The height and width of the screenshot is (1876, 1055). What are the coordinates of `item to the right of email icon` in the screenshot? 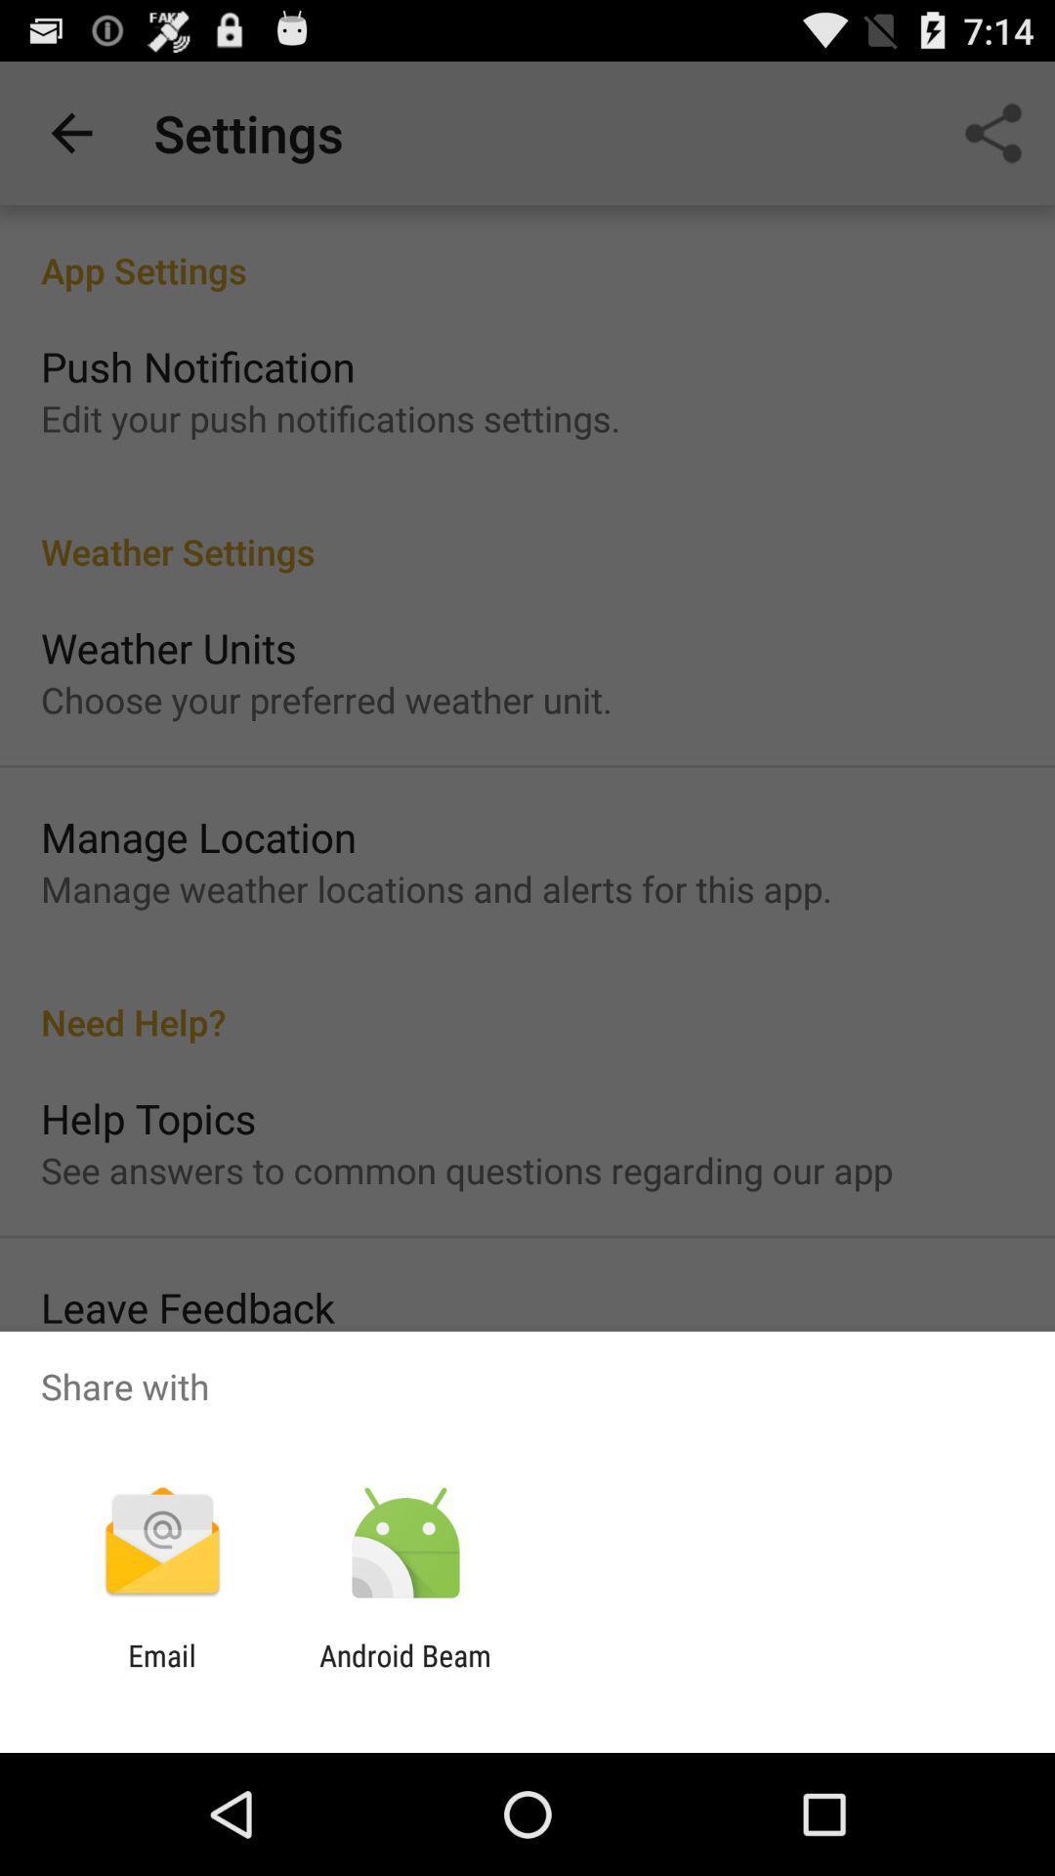 It's located at (404, 1672).